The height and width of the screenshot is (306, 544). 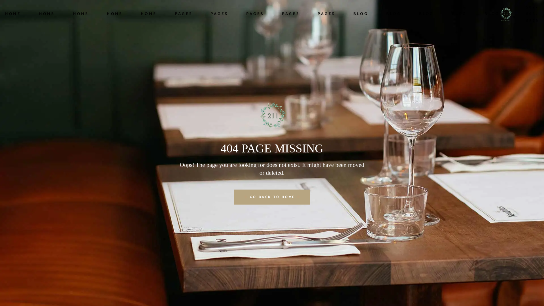 I want to click on 'BLOG', so click(x=353, y=14).